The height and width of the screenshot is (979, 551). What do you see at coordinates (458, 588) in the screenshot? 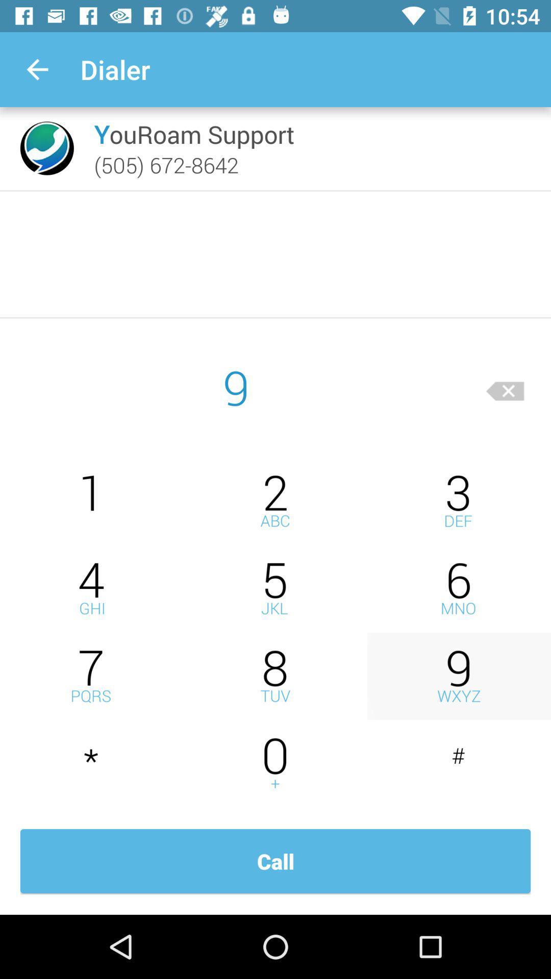
I see `click the number 6` at bounding box center [458, 588].